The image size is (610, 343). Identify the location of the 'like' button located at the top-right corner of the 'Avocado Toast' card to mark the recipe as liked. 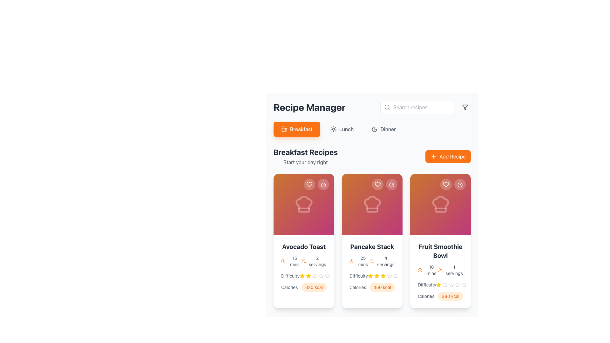
(309, 185).